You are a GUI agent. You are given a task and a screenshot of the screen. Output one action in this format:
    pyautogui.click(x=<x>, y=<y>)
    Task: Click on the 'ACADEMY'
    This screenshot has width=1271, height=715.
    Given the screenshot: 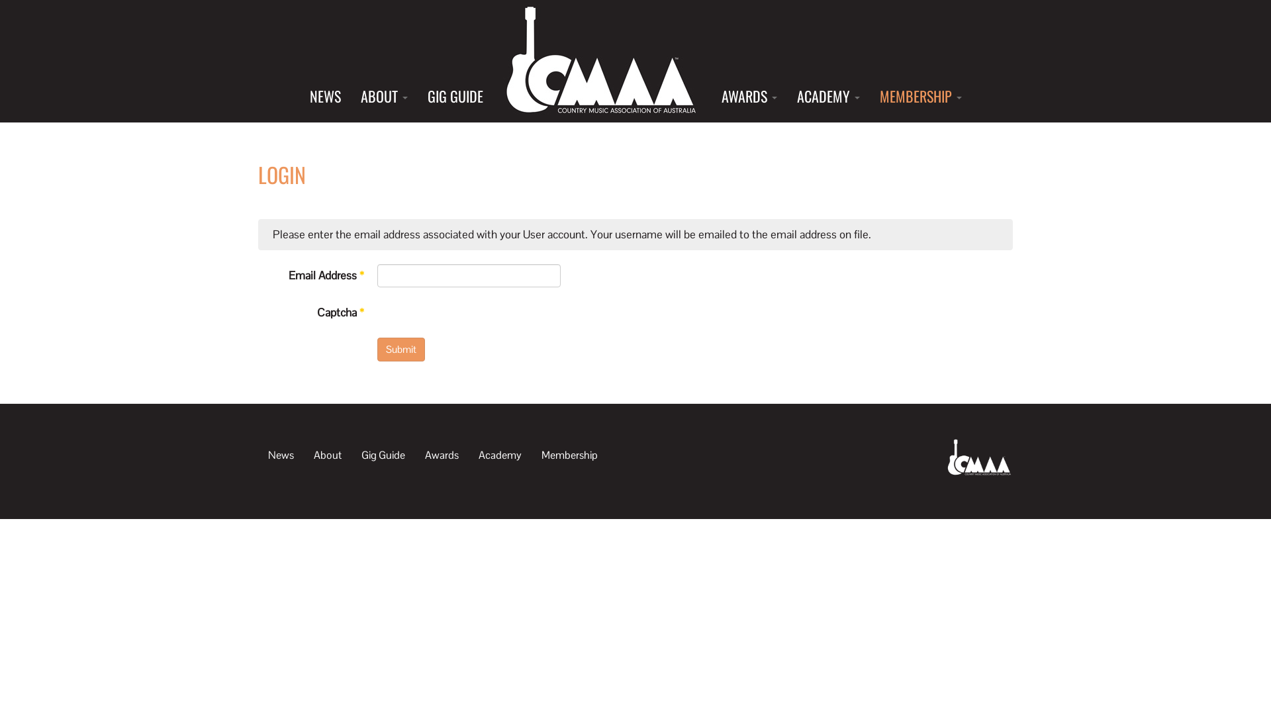 What is the action you would take?
    pyautogui.click(x=827, y=95)
    